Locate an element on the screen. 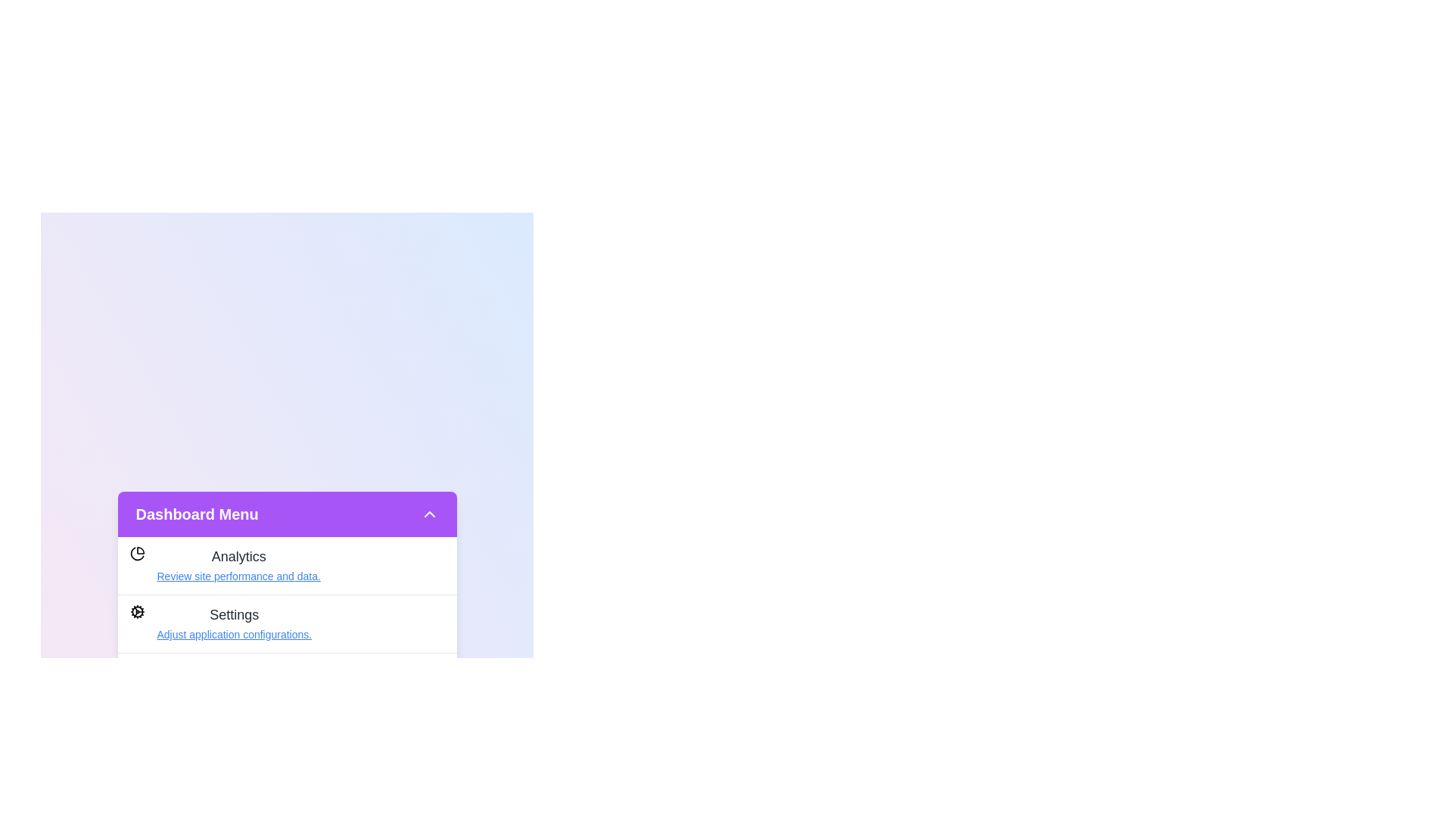  the menu item Settings to view its details is located at coordinates (232, 635).